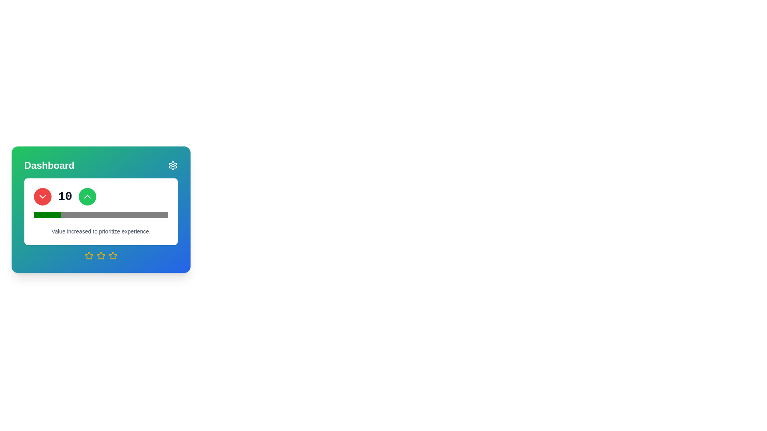 The height and width of the screenshot is (431, 767). Describe the element at coordinates (113, 255) in the screenshot. I see `the fourth star-shaped icon with a yellow border and blue fill located at the bottom center of the dashboard panel` at that location.